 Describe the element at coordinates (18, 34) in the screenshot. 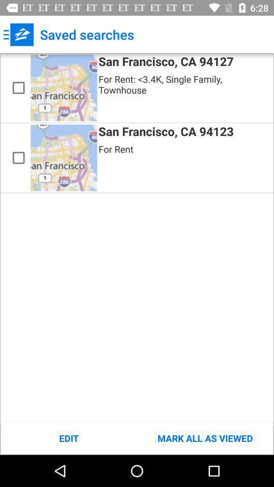

I see `the app to the left of the saved searches icon` at that location.